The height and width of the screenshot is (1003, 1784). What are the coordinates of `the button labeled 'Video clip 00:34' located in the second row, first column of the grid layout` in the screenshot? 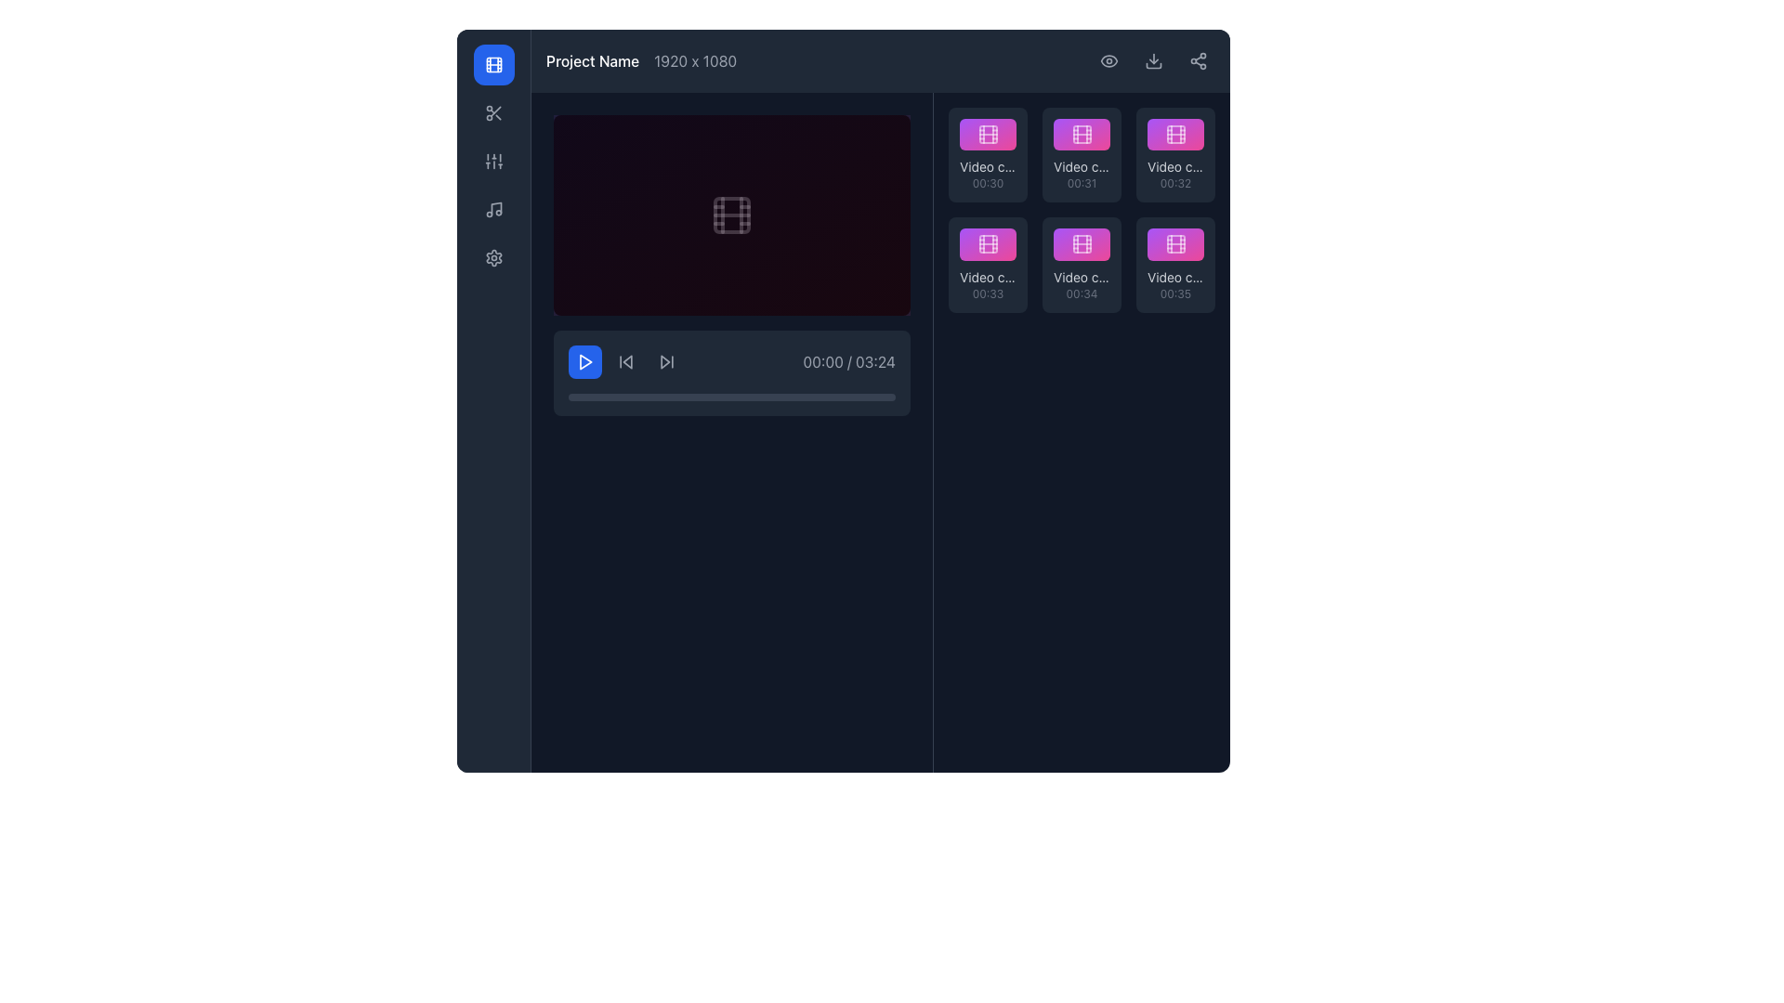 It's located at (1082, 243).